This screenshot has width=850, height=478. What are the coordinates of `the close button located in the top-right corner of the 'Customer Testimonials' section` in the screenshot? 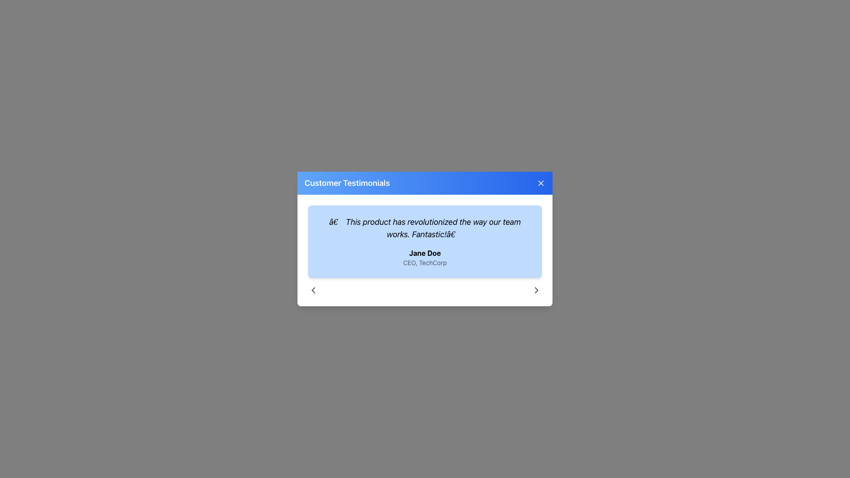 It's located at (541, 182).